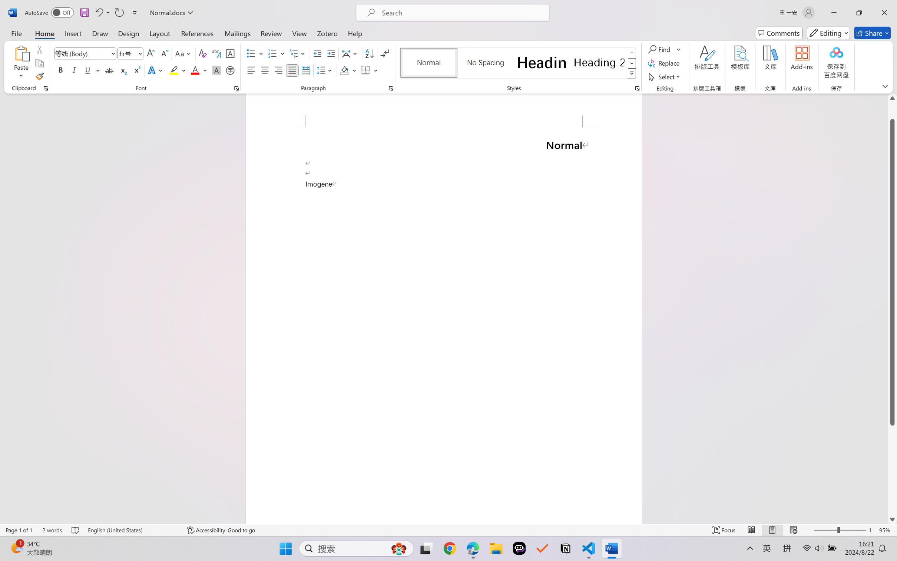 The width and height of the screenshot is (897, 561). I want to click on 'Office Clipboard...', so click(45, 88).